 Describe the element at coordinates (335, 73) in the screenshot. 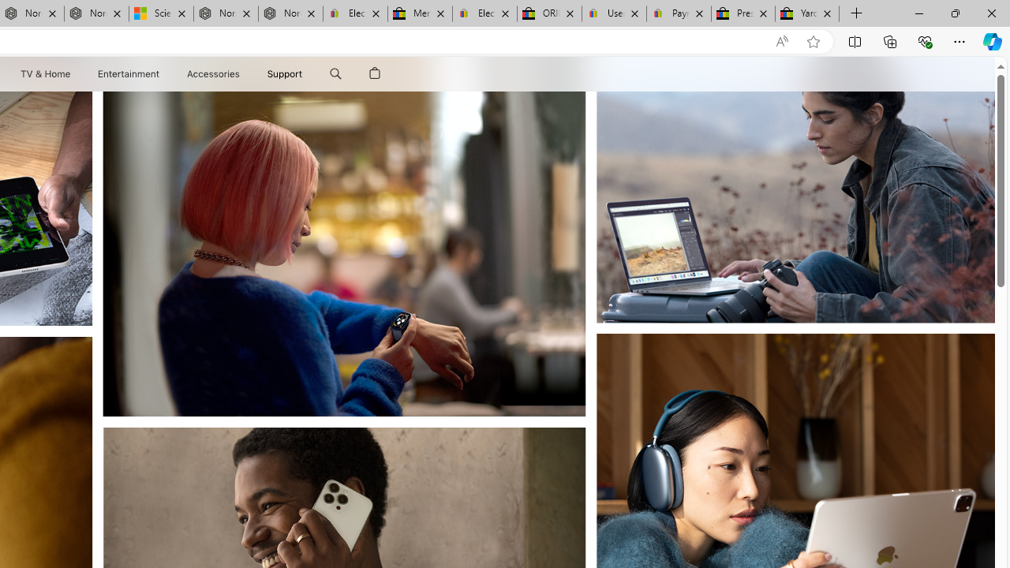

I see `'Search Support'` at that location.